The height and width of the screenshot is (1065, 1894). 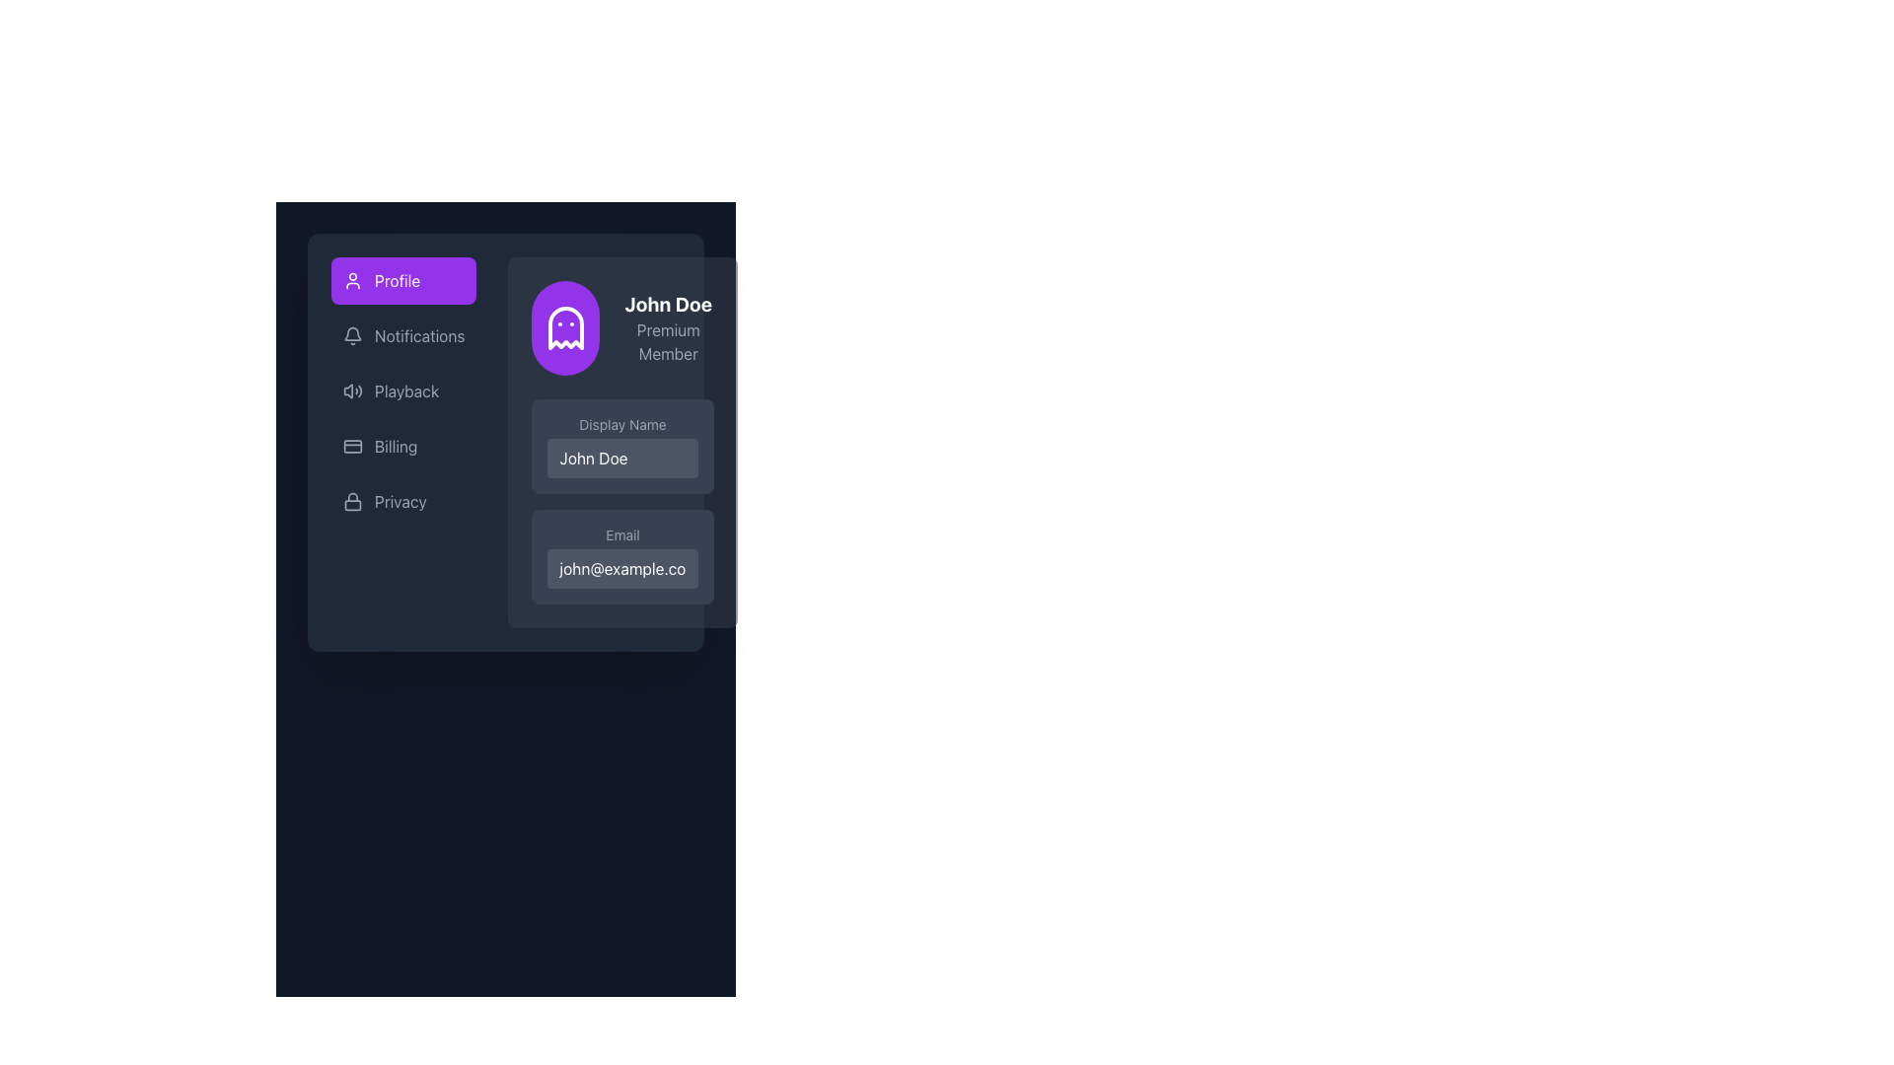 I want to click on the 'Privacy' button, which is the fifth item in the sidebar menu, to trigger the hover effect, so click(x=402, y=501).